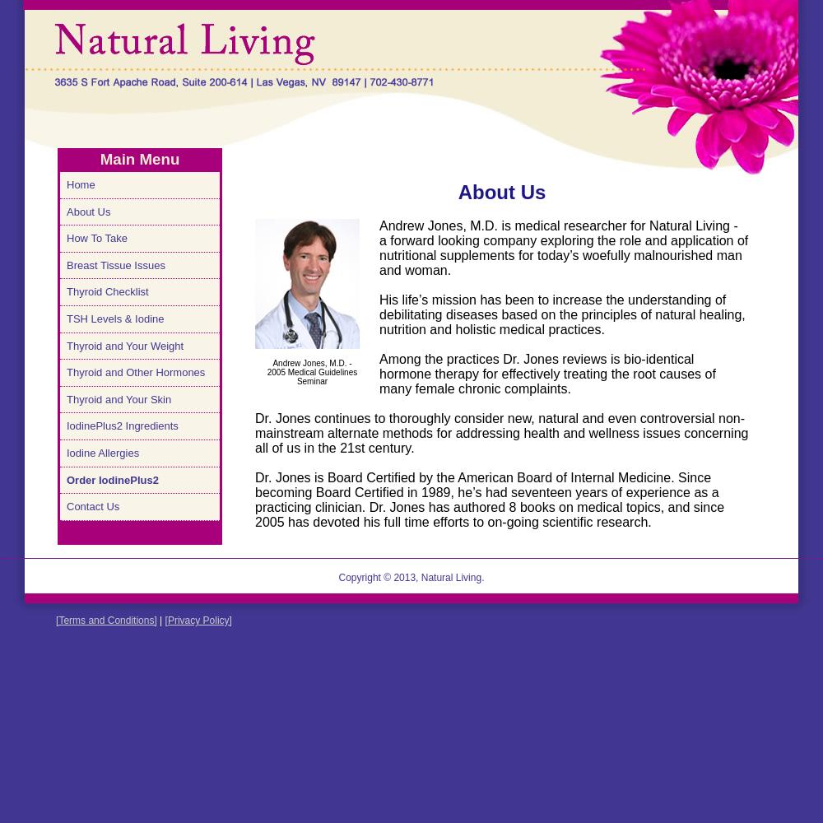 The width and height of the screenshot is (823, 823). I want to click on 'Dr. Jones continues to thoroughly consider new, natural and even controversial non-mainstream alternate methods for addressing health and wellness issues concerning all of us in the 21st century.', so click(500, 433).